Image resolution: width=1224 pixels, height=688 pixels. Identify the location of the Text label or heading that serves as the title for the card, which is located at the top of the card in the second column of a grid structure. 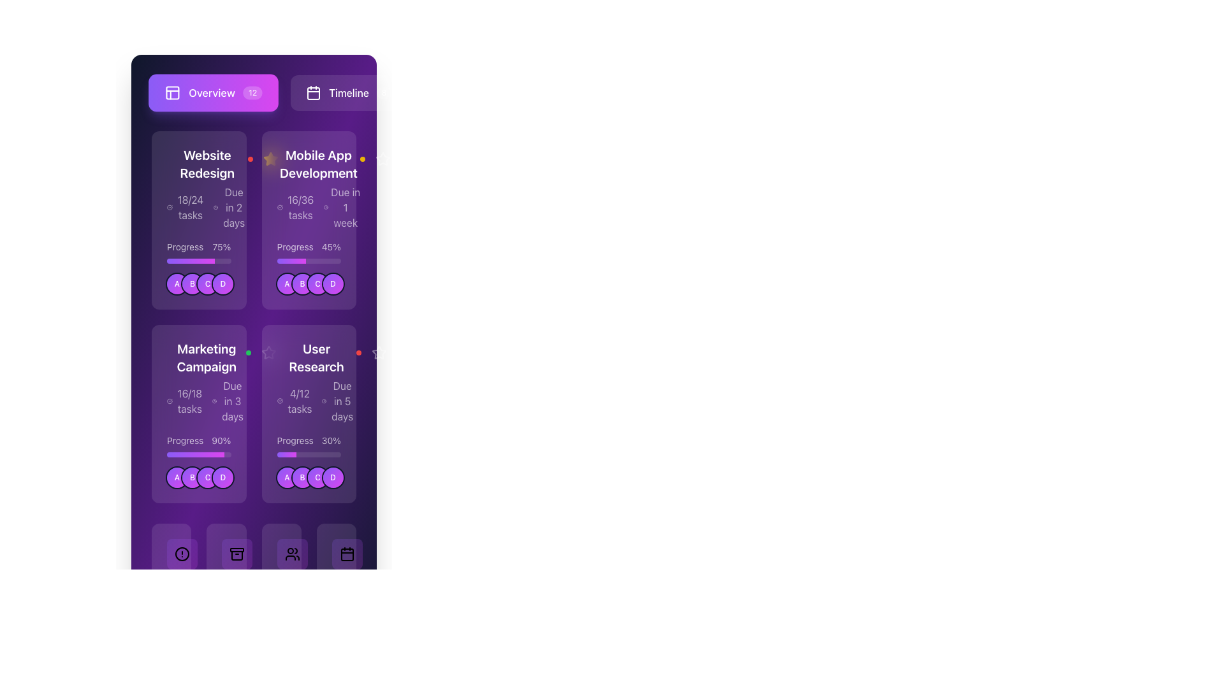
(318, 164).